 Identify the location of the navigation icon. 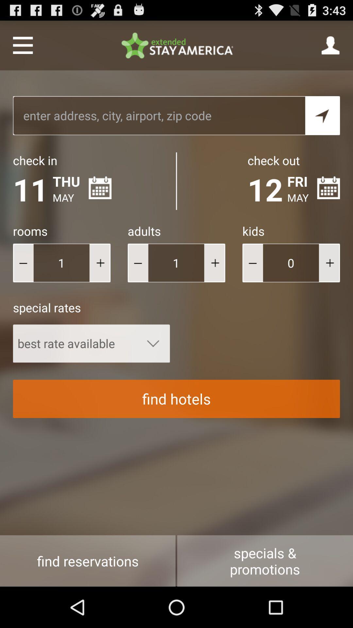
(322, 124).